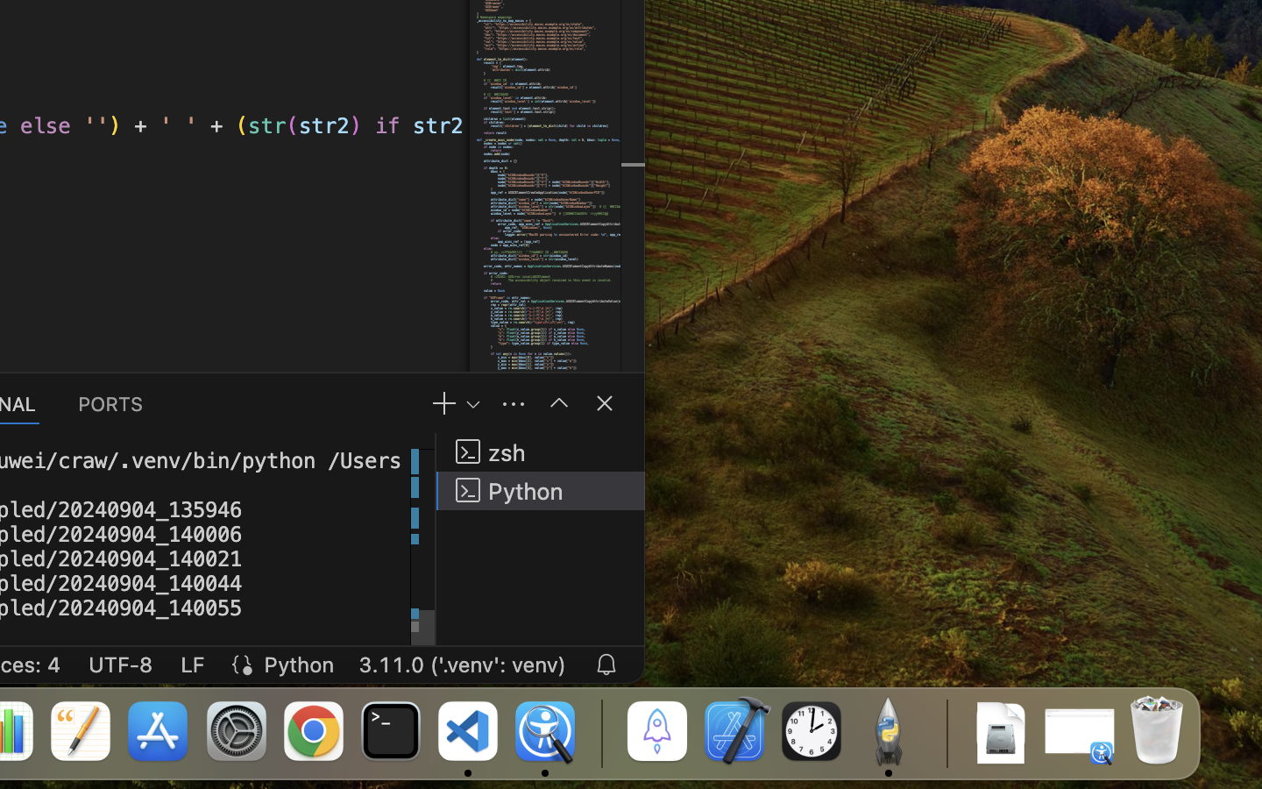 This screenshot has width=1262, height=789. I want to click on 'zsh ', so click(540, 451).